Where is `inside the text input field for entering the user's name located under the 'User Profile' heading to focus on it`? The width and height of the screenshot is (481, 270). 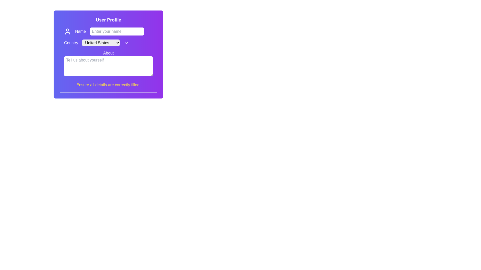 inside the text input field for entering the user's name located under the 'User Profile' heading to focus on it is located at coordinates (108, 31).